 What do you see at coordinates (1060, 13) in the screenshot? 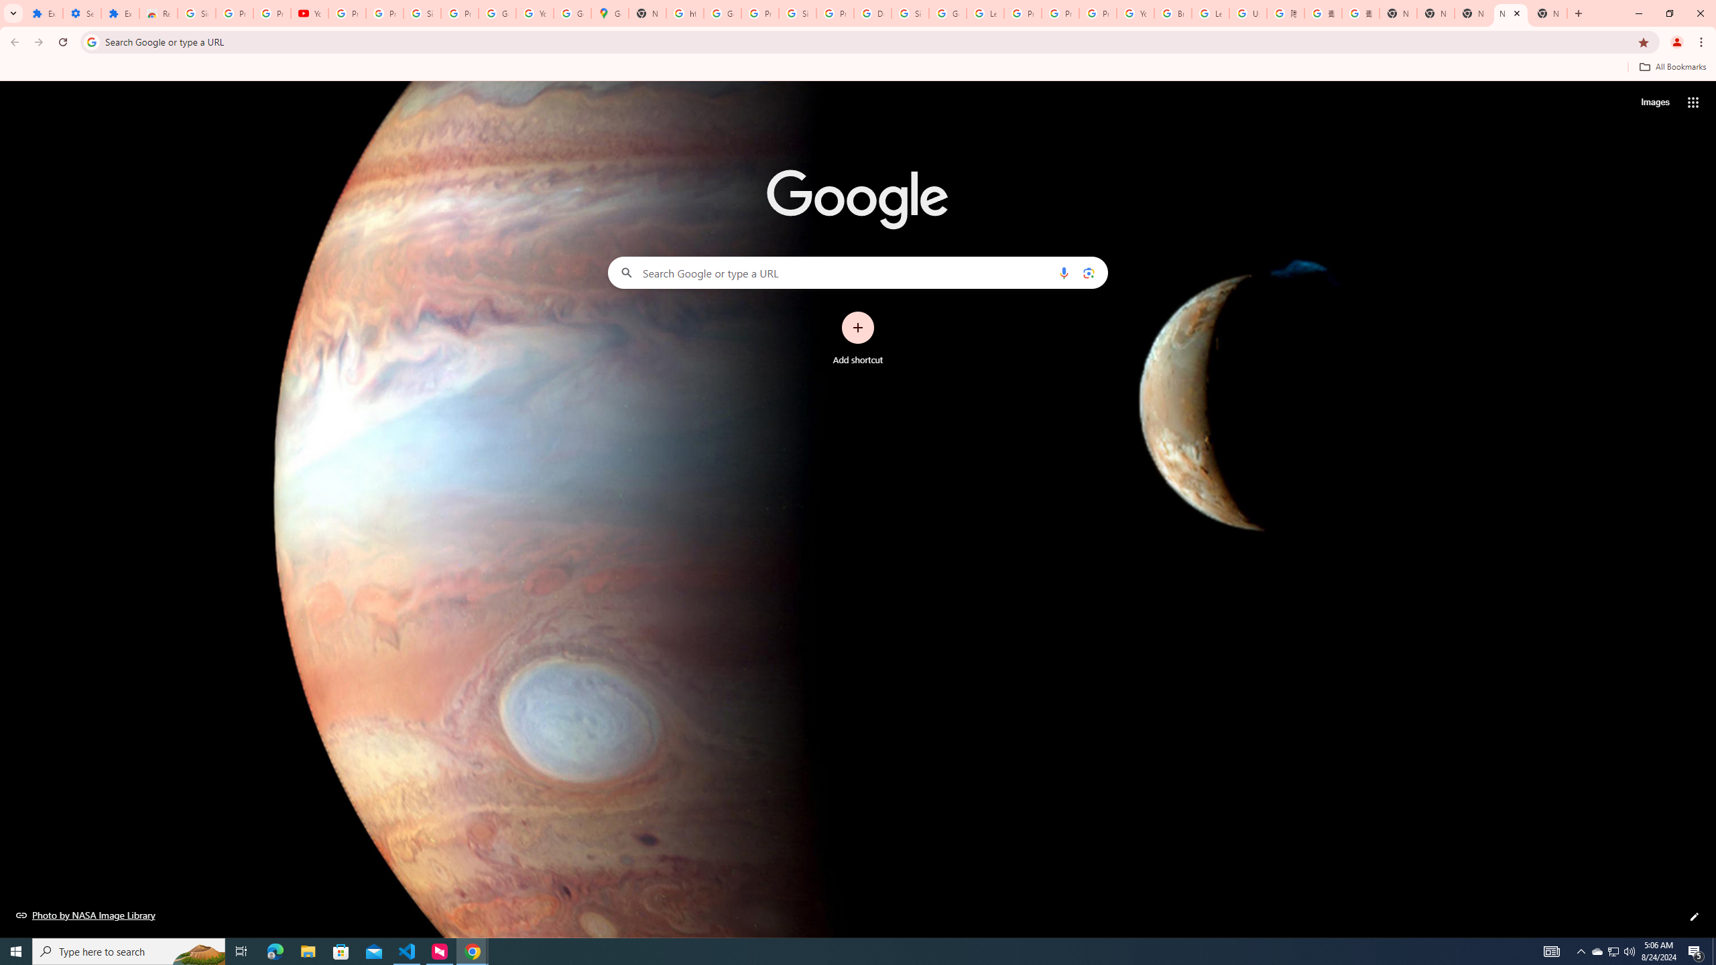
I see `'Privacy Help Center - Policies Help'` at bounding box center [1060, 13].